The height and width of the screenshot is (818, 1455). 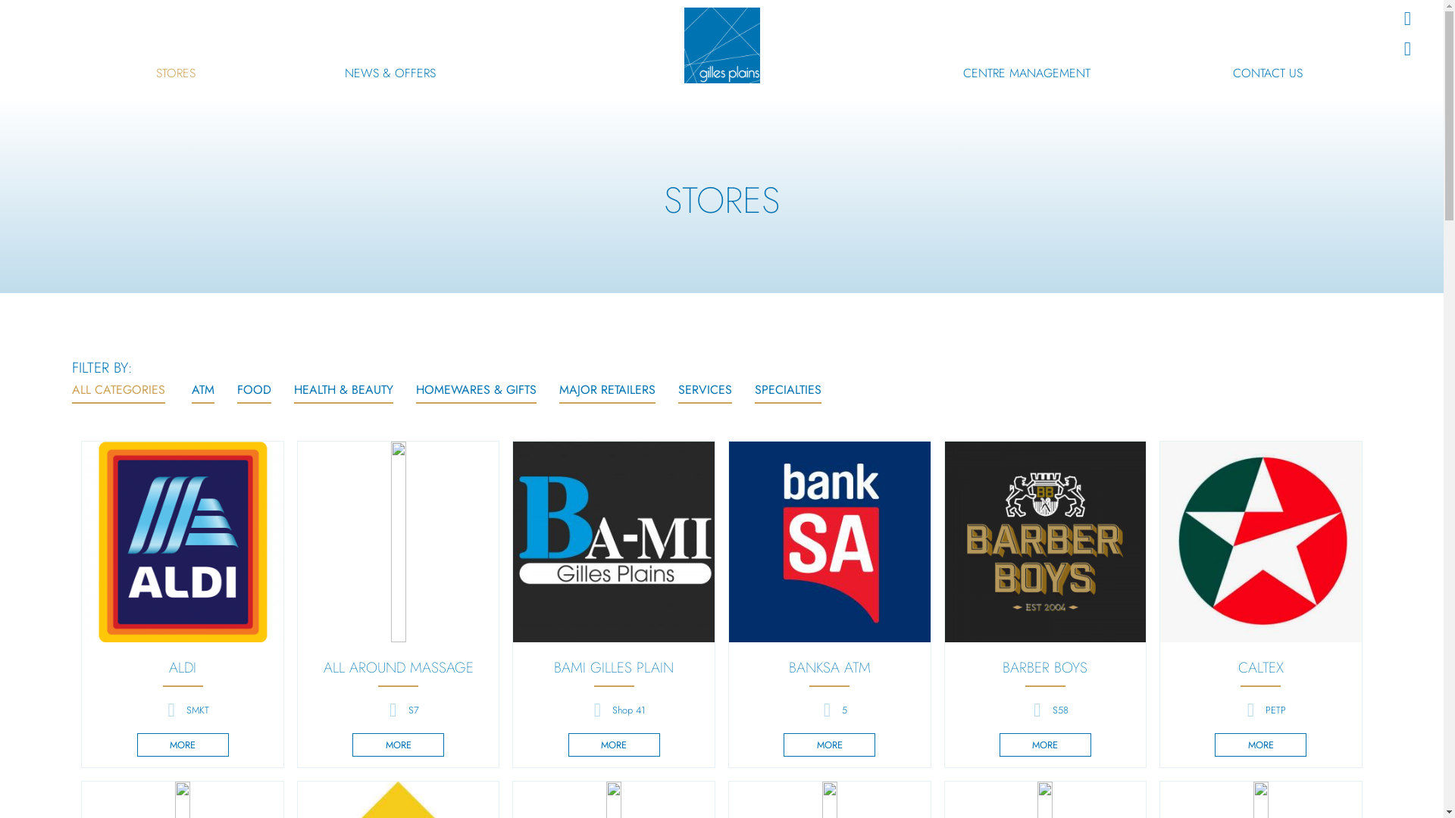 What do you see at coordinates (1406, 18) in the screenshot?
I see `'Facebook'` at bounding box center [1406, 18].